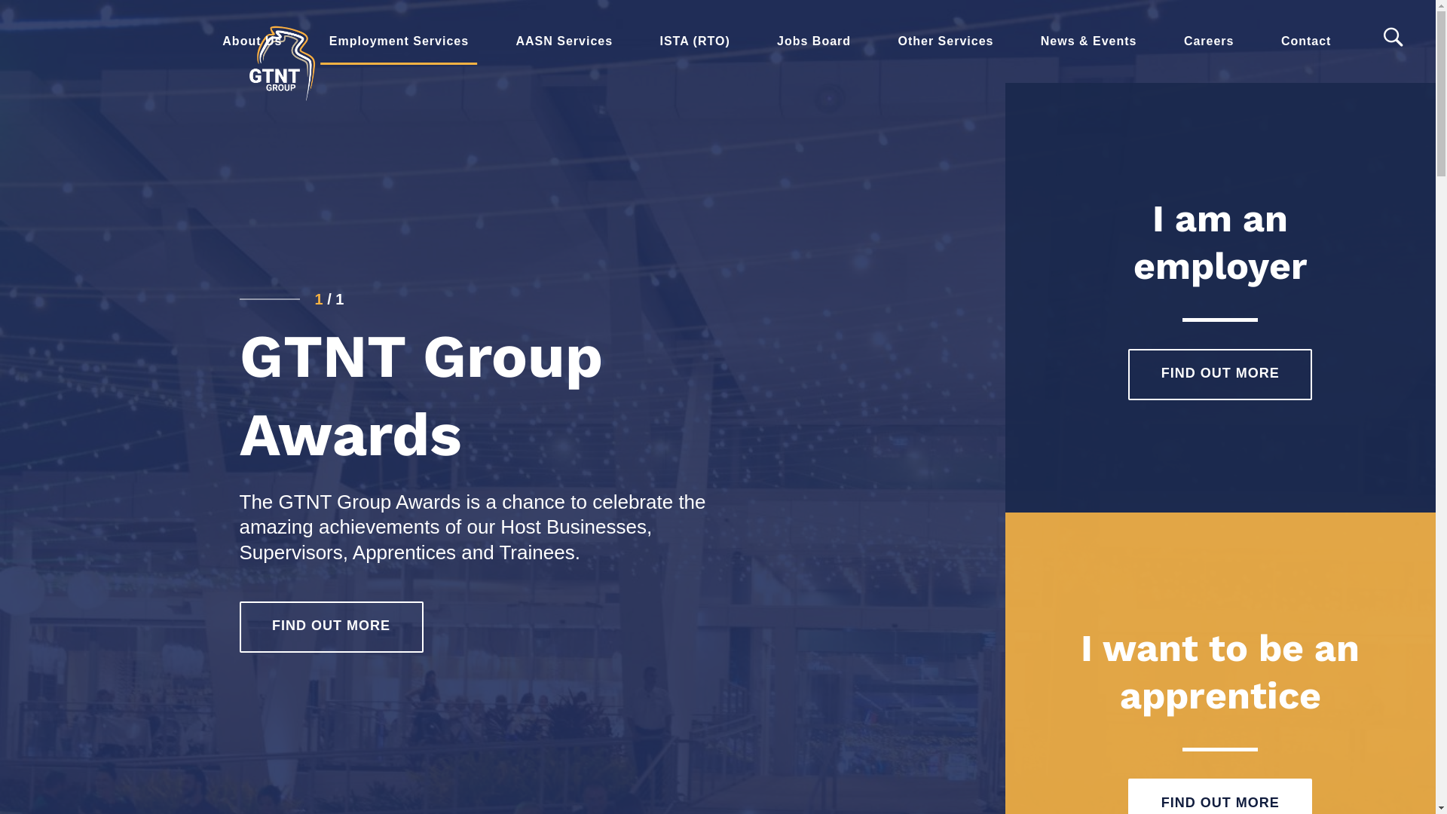 This screenshot has width=1447, height=814. What do you see at coordinates (1305, 40) in the screenshot?
I see `'Contact'` at bounding box center [1305, 40].